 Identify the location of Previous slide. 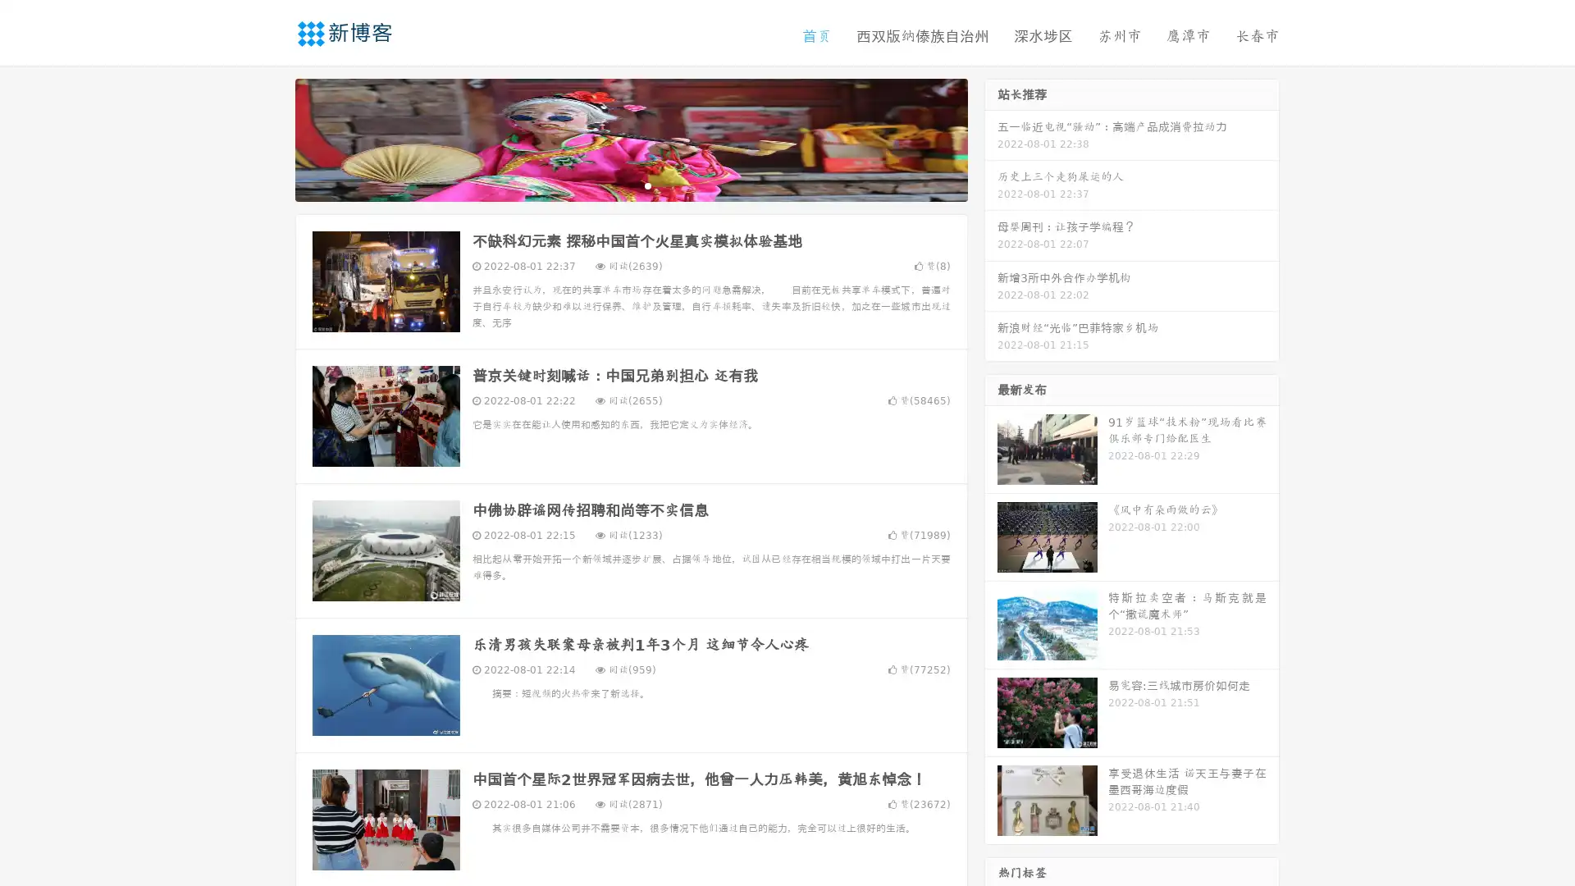
(271, 138).